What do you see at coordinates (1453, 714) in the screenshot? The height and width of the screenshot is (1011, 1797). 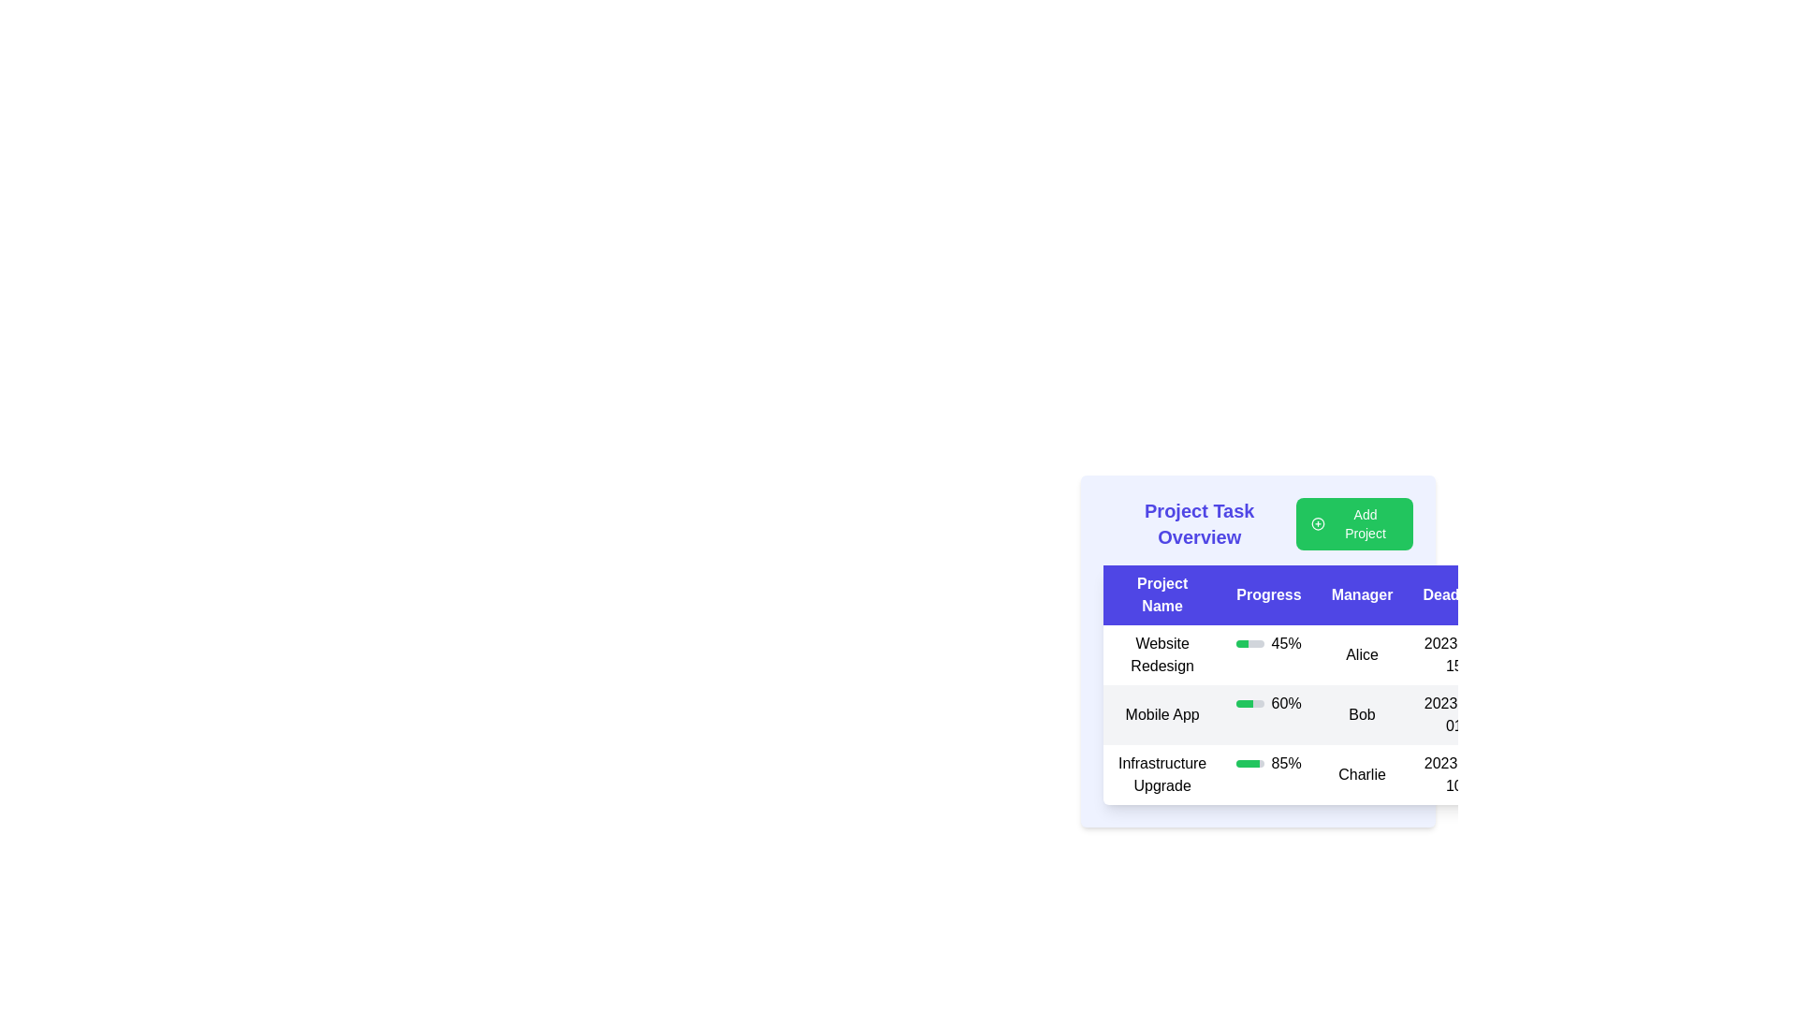 I see `date '2023-12-01' displayed in the rightmost column of the tabular interface for the 'Mobile App' project, under the 'Deadline' column` at bounding box center [1453, 714].